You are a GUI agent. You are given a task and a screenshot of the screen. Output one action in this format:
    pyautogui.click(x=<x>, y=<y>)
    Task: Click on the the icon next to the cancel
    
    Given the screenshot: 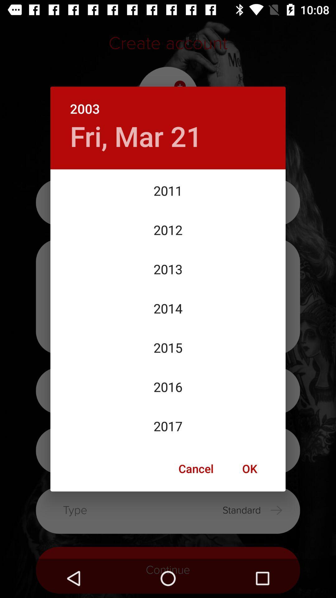 What is the action you would take?
    pyautogui.click(x=249, y=468)
    